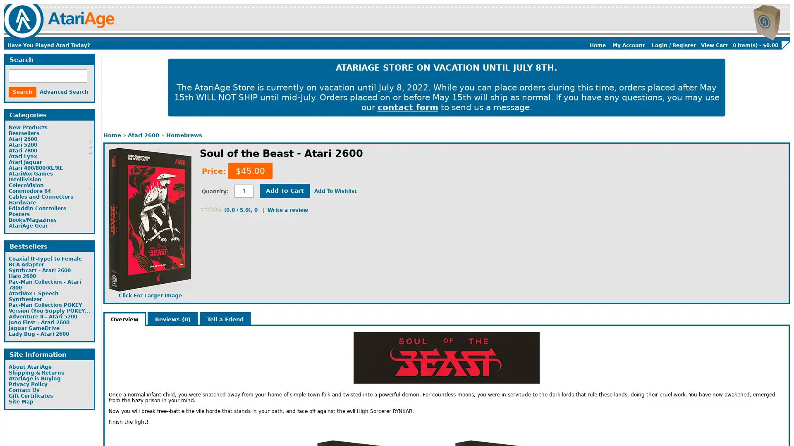 This screenshot has height=446, width=794. What do you see at coordinates (22, 92) in the screenshot?
I see `Search` at bounding box center [22, 92].